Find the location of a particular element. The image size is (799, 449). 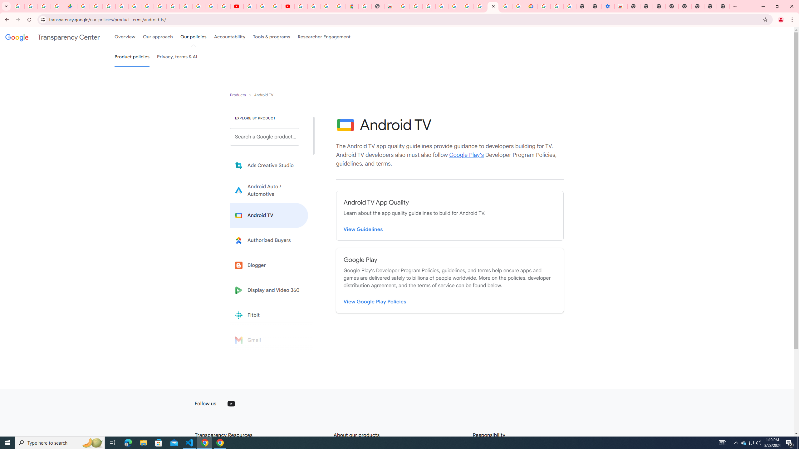

'Chrome Web Store - Household' is located at coordinates (390, 6).